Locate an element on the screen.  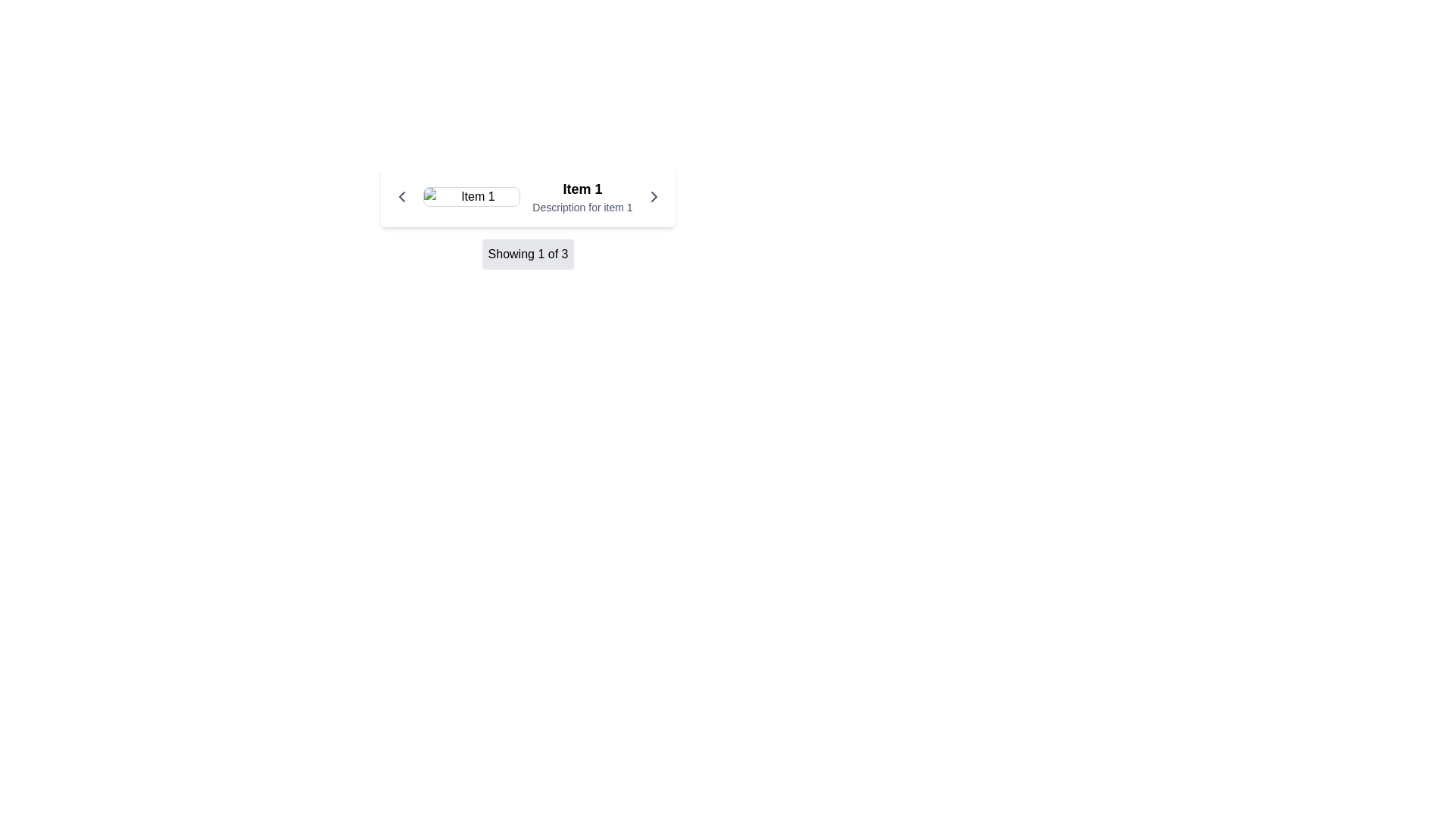
the chevron (right arrow) located to the far right of the header containing the text 'Item 1' is located at coordinates (654, 195).